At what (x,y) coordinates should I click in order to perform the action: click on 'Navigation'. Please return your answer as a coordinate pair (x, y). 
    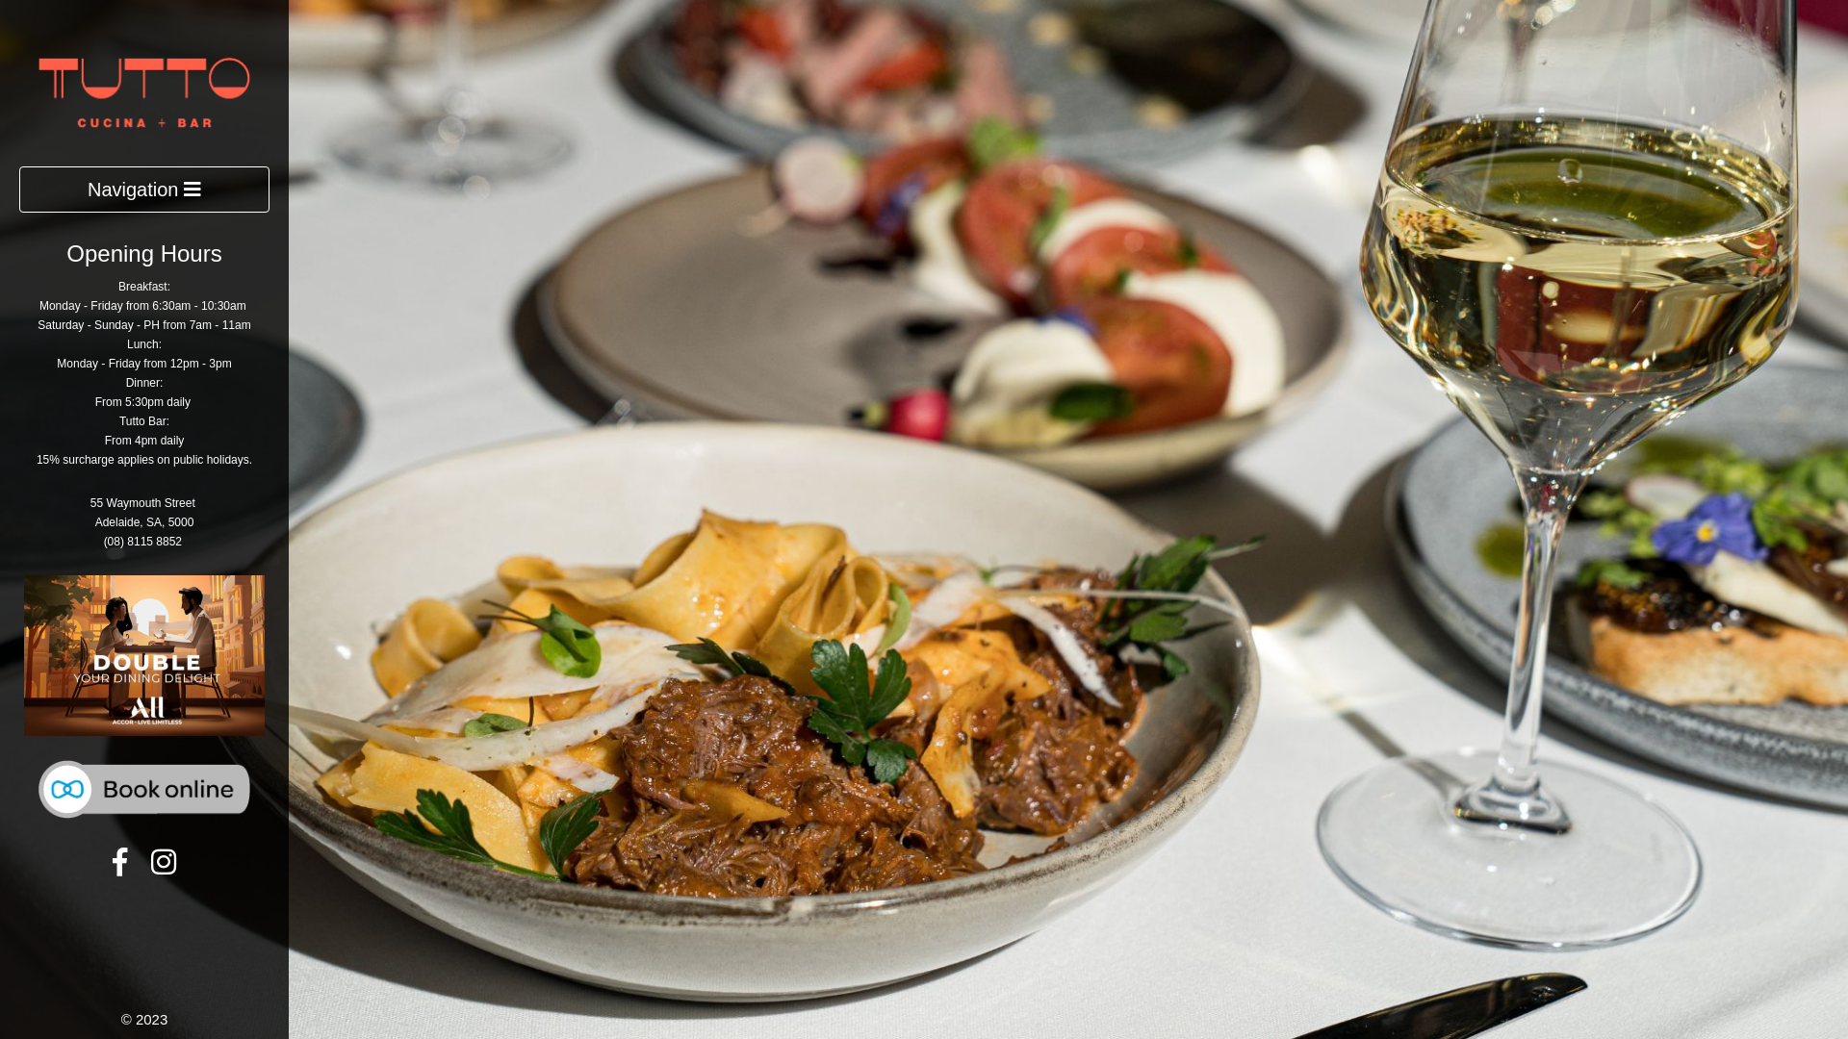
    Looking at the image, I should click on (18, 190).